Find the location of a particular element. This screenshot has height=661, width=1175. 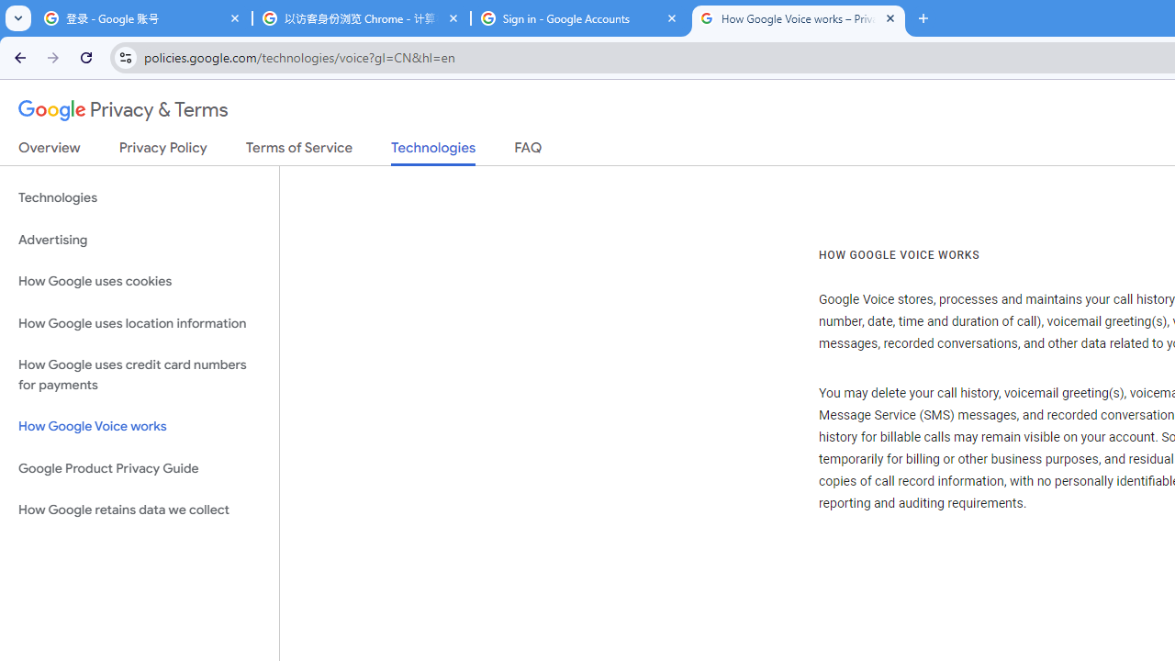

'How Google uses credit card numbers for payments' is located at coordinates (139, 374).